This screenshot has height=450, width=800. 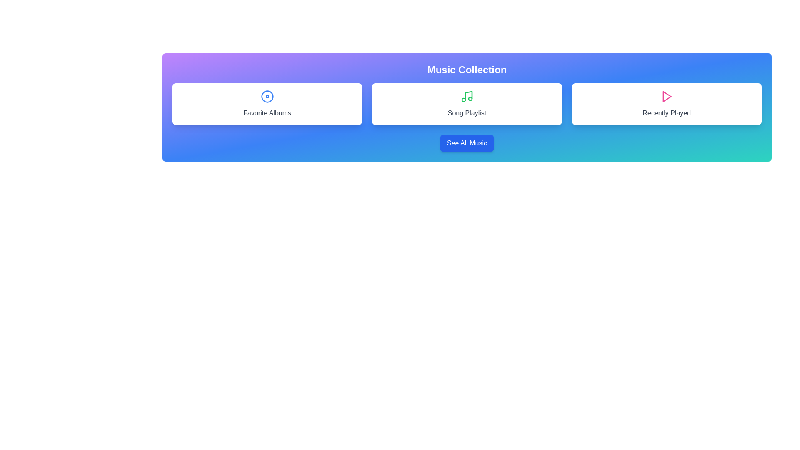 What do you see at coordinates (667, 96) in the screenshot?
I see `the play icon button located at the top-center of the 'Recently Played' card in the 'Music Collection' section` at bounding box center [667, 96].